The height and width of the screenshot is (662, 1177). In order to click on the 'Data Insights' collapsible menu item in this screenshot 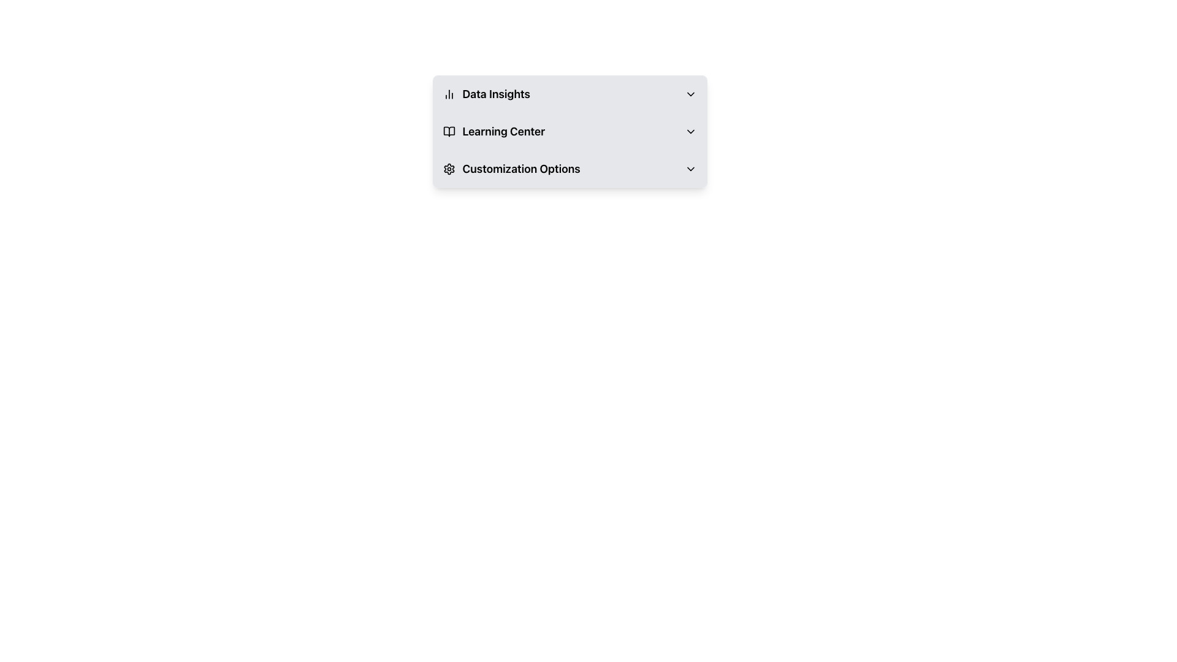, I will do `click(569, 94)`.